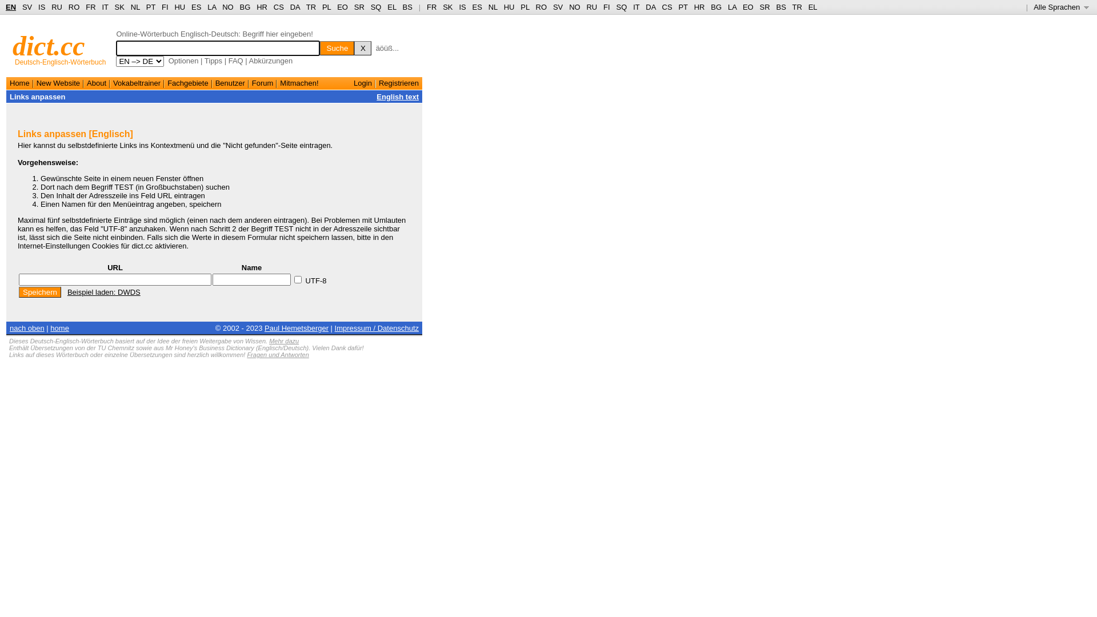  Describe the element at coordinates (575, 7) in the screenshot. I see `'NO'` at that location.